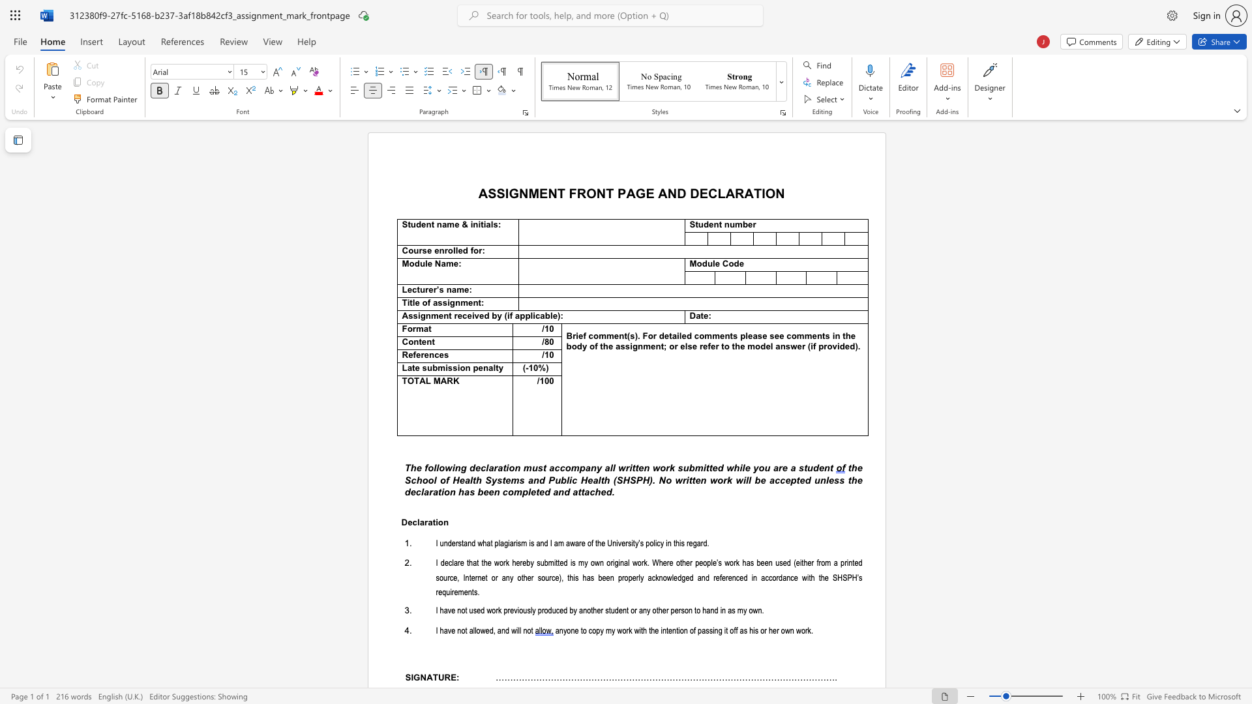 This screenshot has height=704, width=1252. Describe the element at coordinates (447, 224) in the screenshot. I see `the subset text "me & initi" within the text "Student name & initials"` at that location.